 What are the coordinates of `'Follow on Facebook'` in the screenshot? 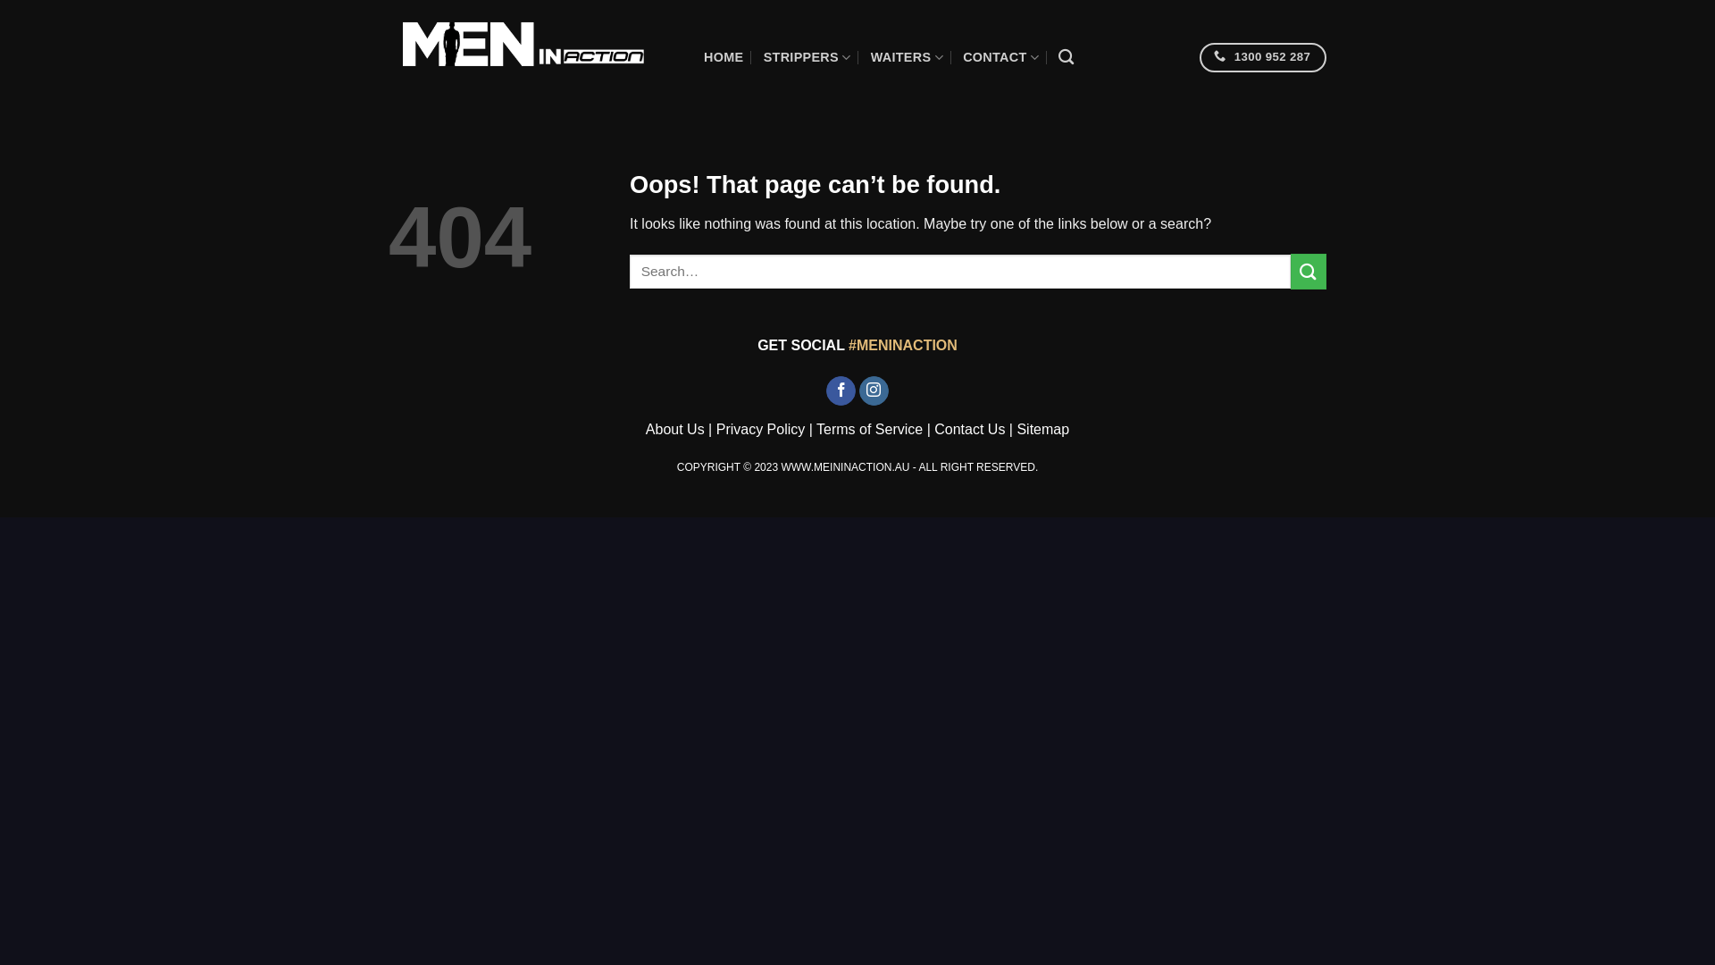 It's located at (840, 390).